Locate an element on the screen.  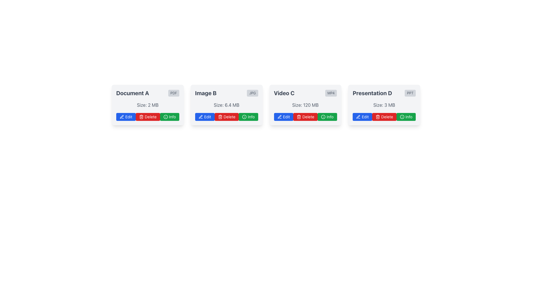
the button located in the bottom-right corner of the panel for 'Video C' using keyboard navigation to focus on it is located at coordinates (327, 116).